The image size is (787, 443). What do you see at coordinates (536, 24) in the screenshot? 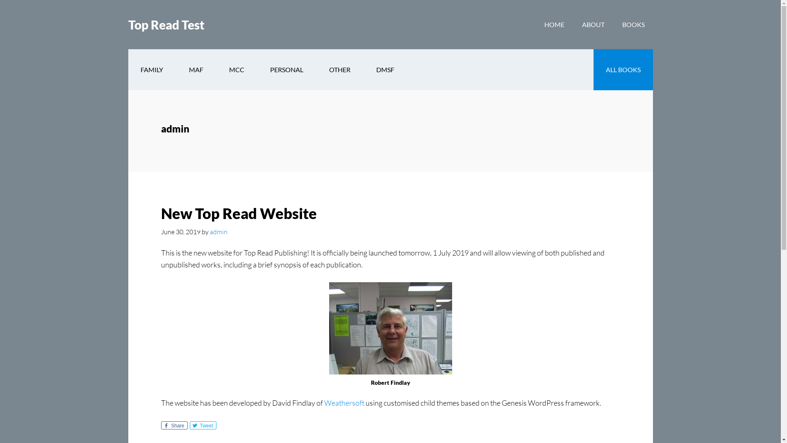
I see `'HOME'` at bounding box center [536, 24].